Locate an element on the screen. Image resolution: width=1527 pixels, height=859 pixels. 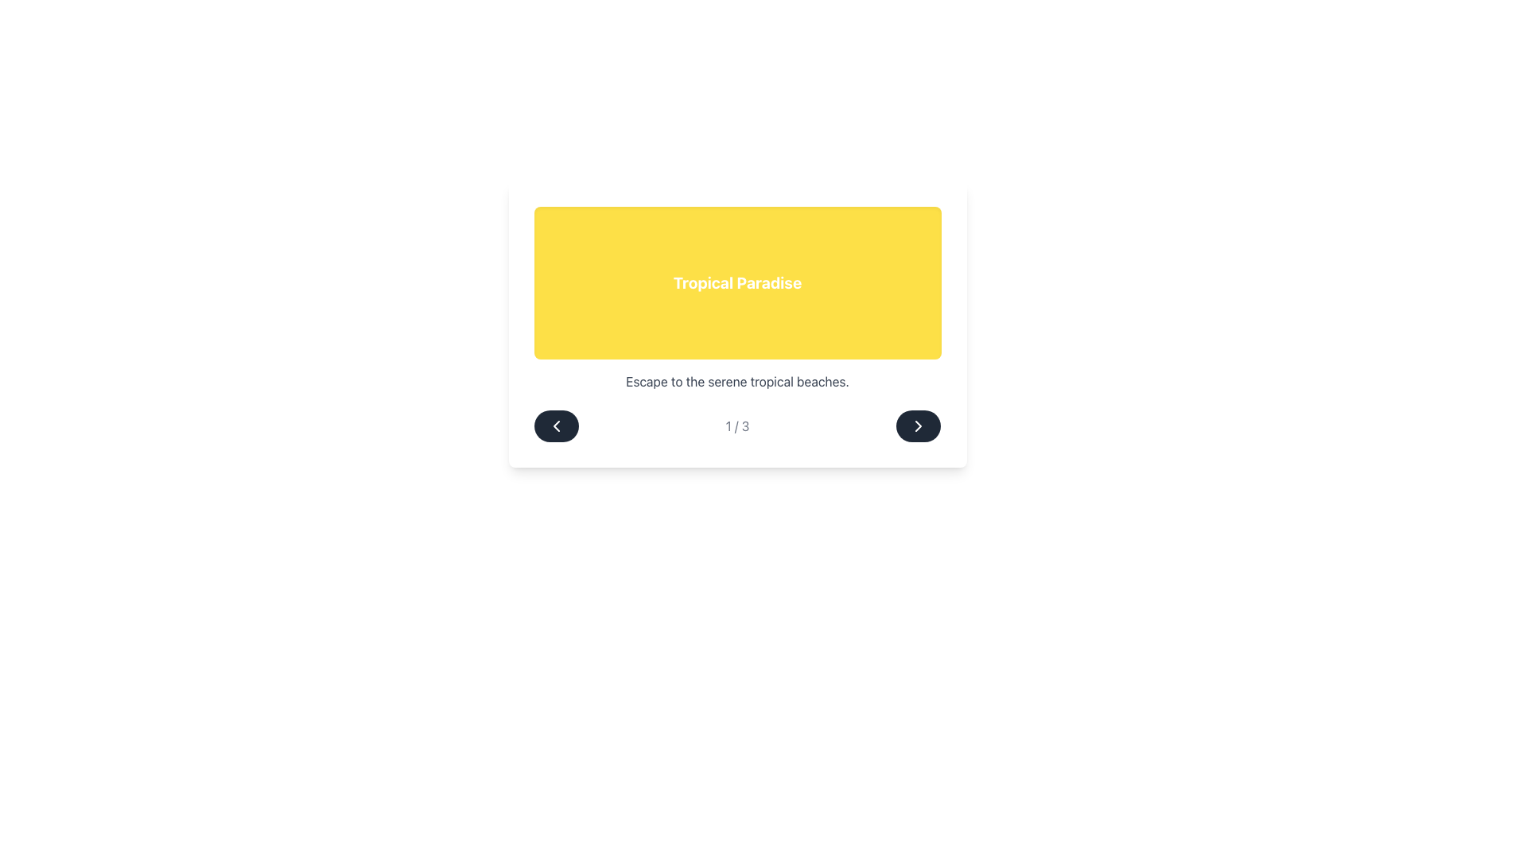
the navigation control icon located in the bottom-right area of the card interface is located at coordinates (919, 426).